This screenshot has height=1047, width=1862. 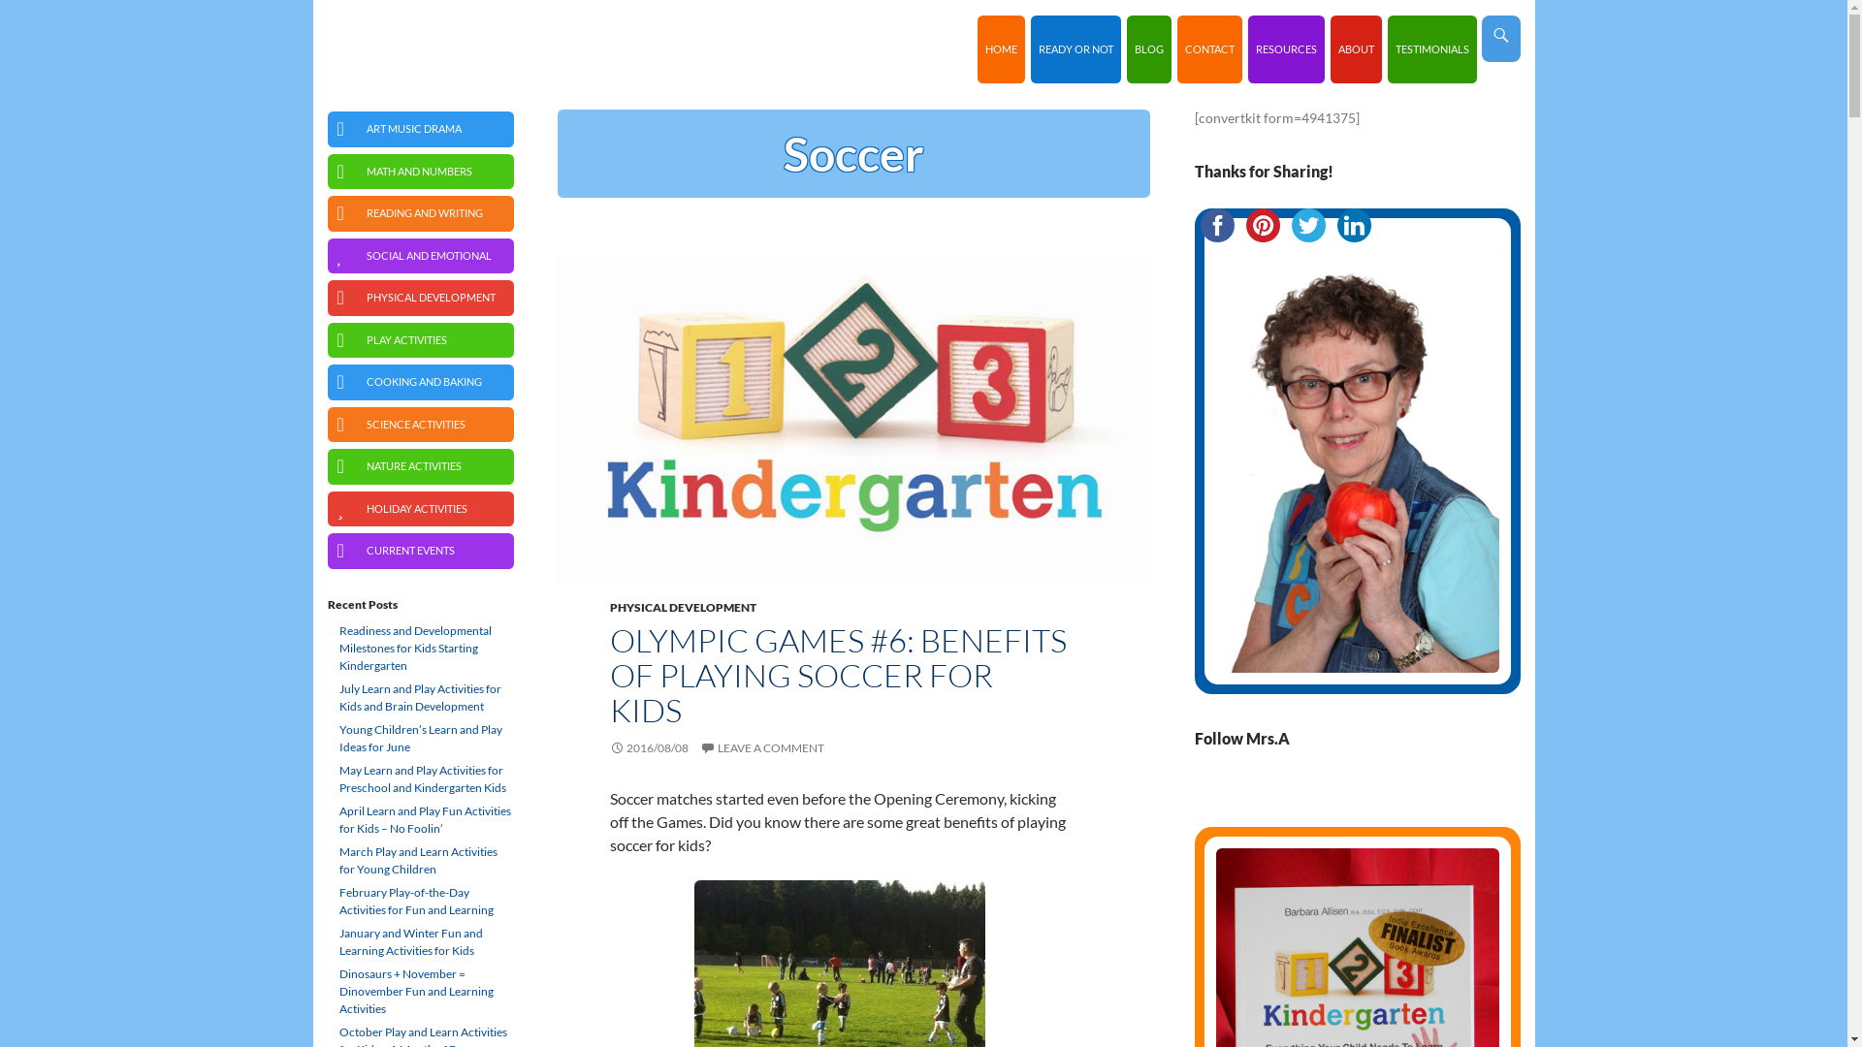 What do you see at coordinates (1237, 224) in the screenshot?
I see `'pinterest'` at bounding box center [1237, 224].